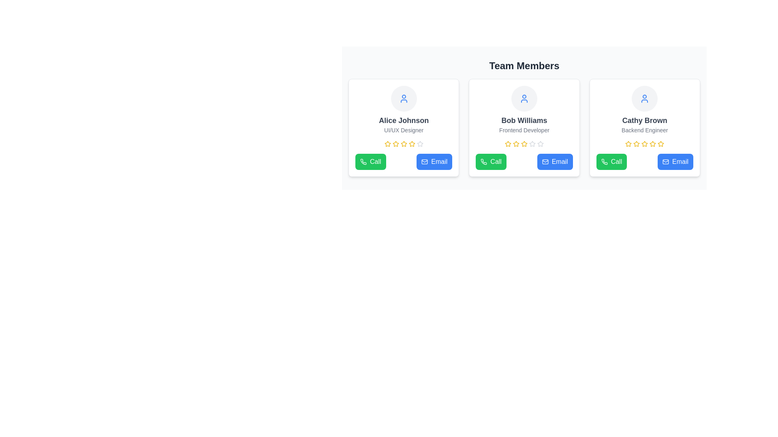 The width and height of the screenshot is (778, 437). Describe the element at coordinates (604, 162) in the screenshot. I see `the phone call icon within the green 'Call' button under the profile card for 'Cathy Brown, Backend Engineer'` at that location.